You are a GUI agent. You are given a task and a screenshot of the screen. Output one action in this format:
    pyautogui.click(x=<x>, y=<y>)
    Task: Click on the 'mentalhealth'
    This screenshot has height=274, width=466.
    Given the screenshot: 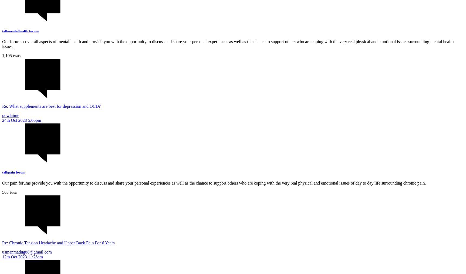 What is the action you would take?
    pyautogui.click(x=8, y=31)
    